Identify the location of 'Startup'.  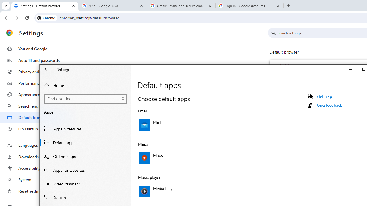
(85, 197).